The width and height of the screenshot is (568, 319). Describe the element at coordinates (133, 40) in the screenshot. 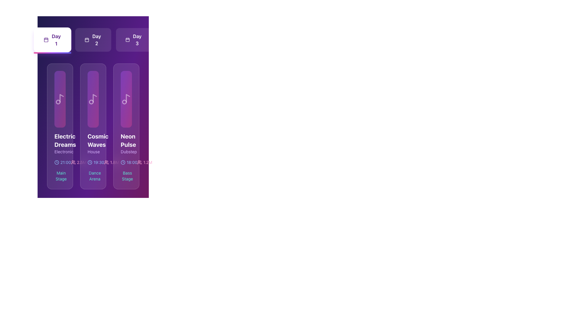

I see `the 'Day 3' button located in the top-right corner of the group of navigational buttons for selecting different days` at that location.